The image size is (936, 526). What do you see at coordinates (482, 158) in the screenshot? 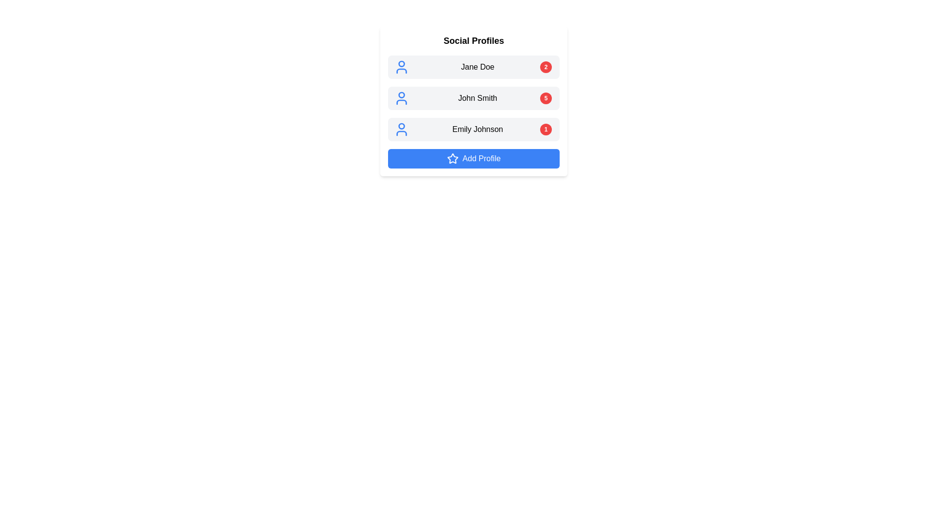
I see `the text label 'Add Profile', which is styled in blue and located in a button-like structure, positioned centrally below a list of profiles` at bounding box center [482, 158].